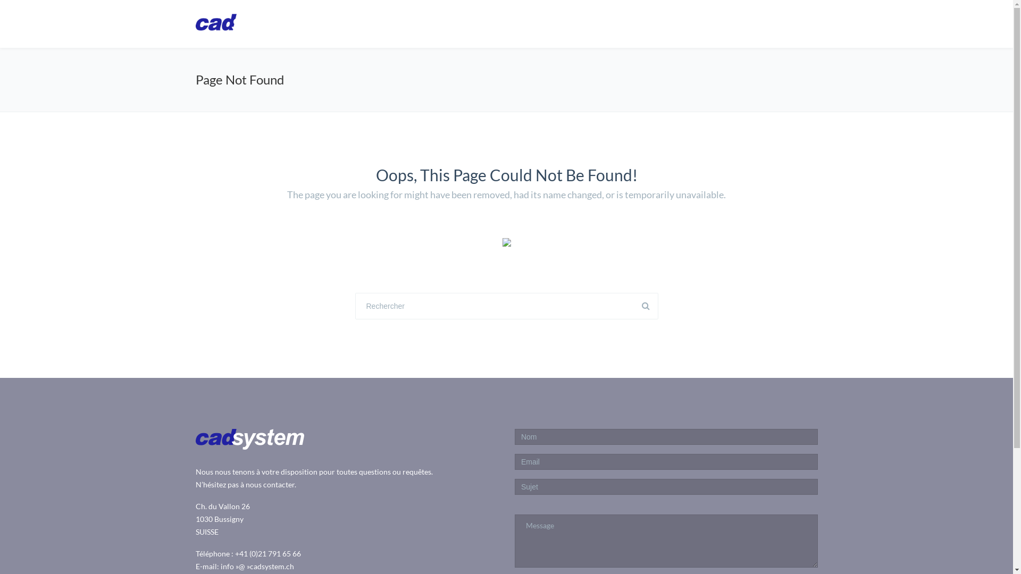 This screenshot has width=1021, height=574. Describe the element at coordinates (759, 23) in the screenshot. I see `'Downloads'` at that location.